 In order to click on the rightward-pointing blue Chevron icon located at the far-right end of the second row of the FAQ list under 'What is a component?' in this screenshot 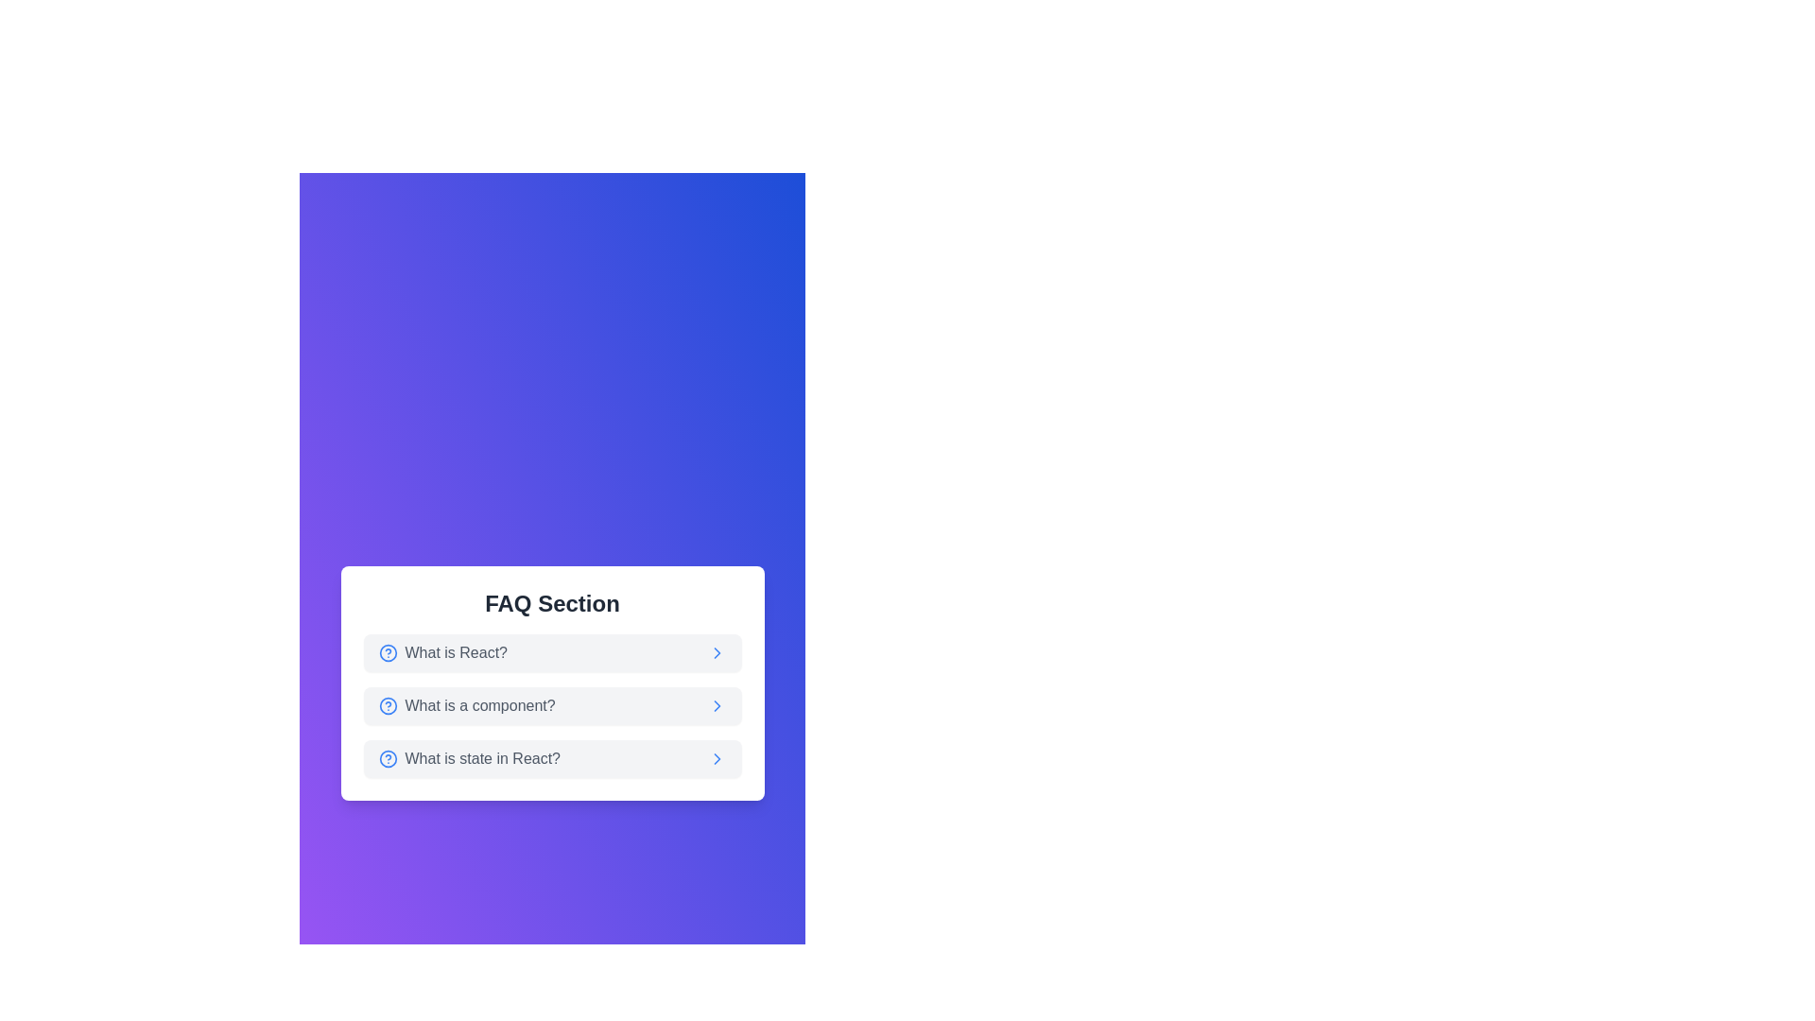, I will do `click(716, 706)`.